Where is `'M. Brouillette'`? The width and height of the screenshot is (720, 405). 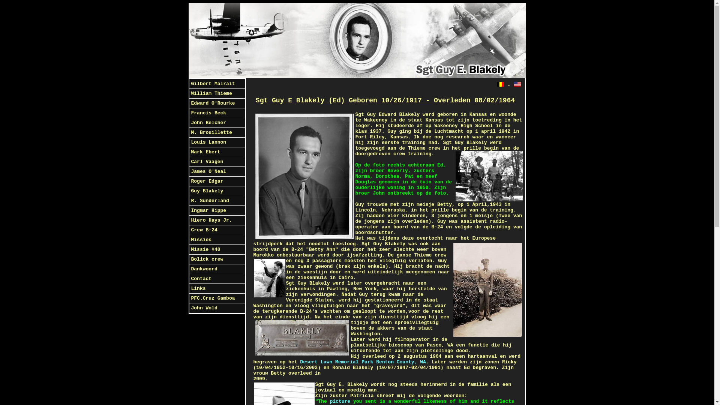
'M. Brouillette' is located at coordinates (189, 132).